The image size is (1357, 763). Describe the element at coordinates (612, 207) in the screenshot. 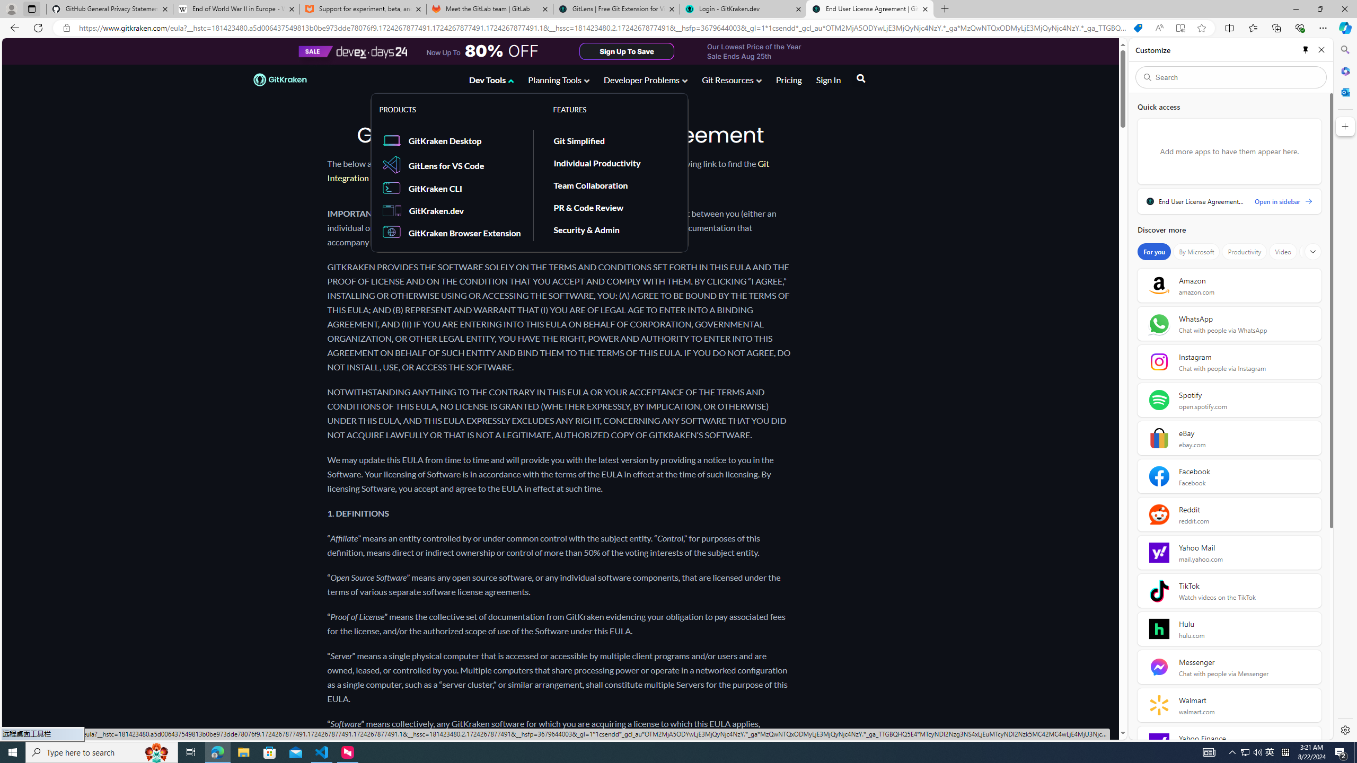

I see `'PR & Code Review'` at that location.